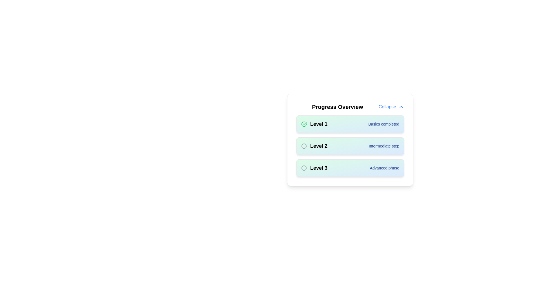 The height and width of the screenshot is (304, 541). What do you see at coordinates (319, 168) in the screenshot?
I see `the third level progress tracker text label, which is positioned between a circular icon and the text 'Advanced phase'` at bounding box center [319, 168].